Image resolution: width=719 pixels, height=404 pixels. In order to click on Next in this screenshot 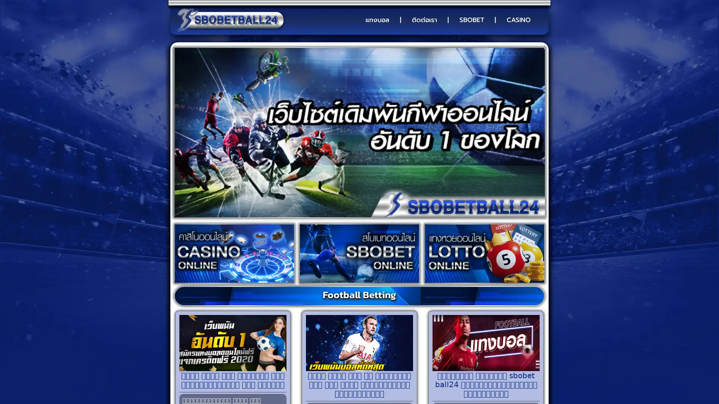, I will do `click(516, 132)`.